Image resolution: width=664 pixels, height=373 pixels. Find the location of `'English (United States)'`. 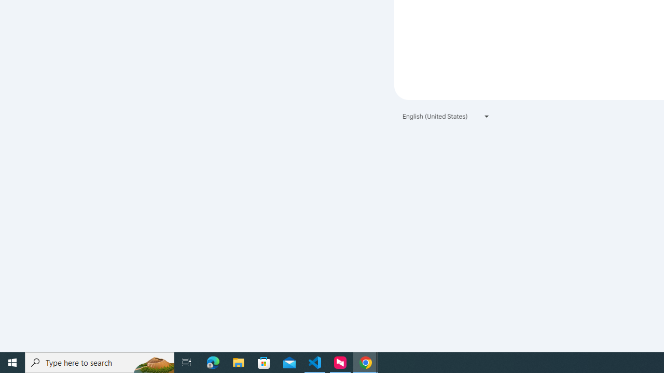

'English (United States)' is located at coordinates (446, 116).